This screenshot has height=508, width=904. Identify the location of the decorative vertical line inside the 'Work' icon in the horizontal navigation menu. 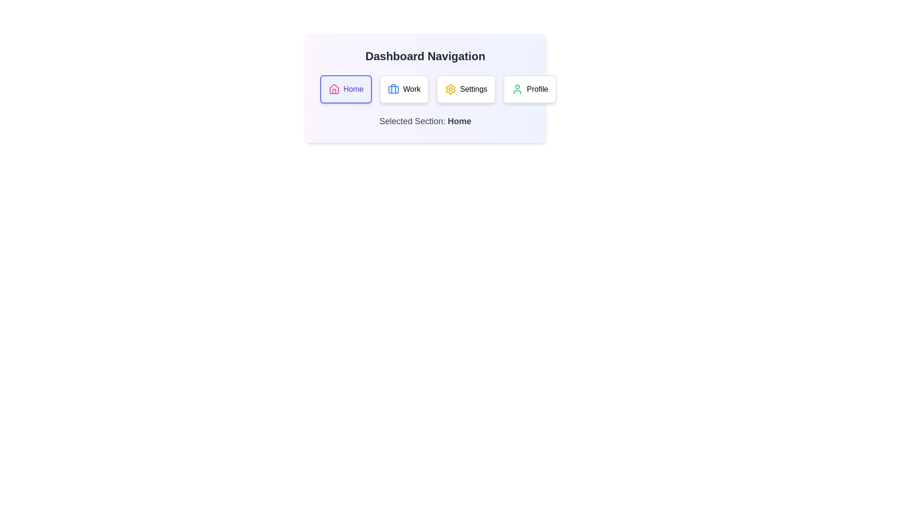
(394, 89).